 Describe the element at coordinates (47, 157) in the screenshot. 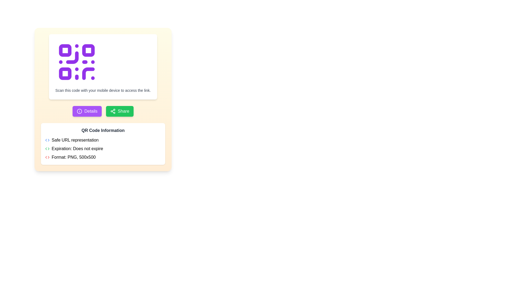

I see `the small red SVG icon consisting of left and right-pointing arrows, located in the QR Code Information section, to the left of the 'Format: PNG, 500x500' text` at that location.